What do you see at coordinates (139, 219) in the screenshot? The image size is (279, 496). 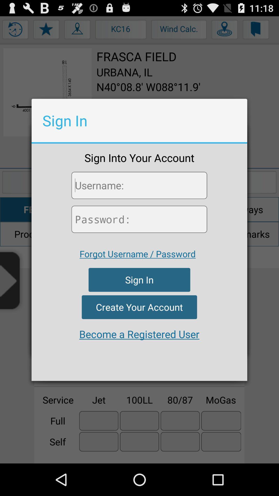 I see `password` at bounding box center [139, 219].